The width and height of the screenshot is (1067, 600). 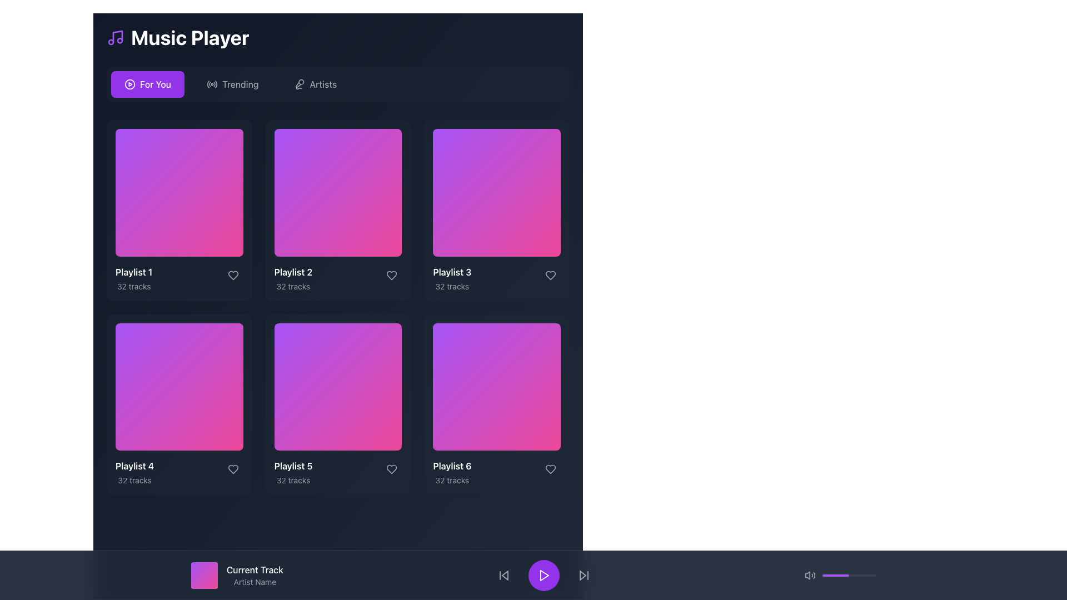 I want to click on the text label displaying '32 tracks' located beneath the title 'Playlist 4' within the card layout, so click(x=134, y=480).